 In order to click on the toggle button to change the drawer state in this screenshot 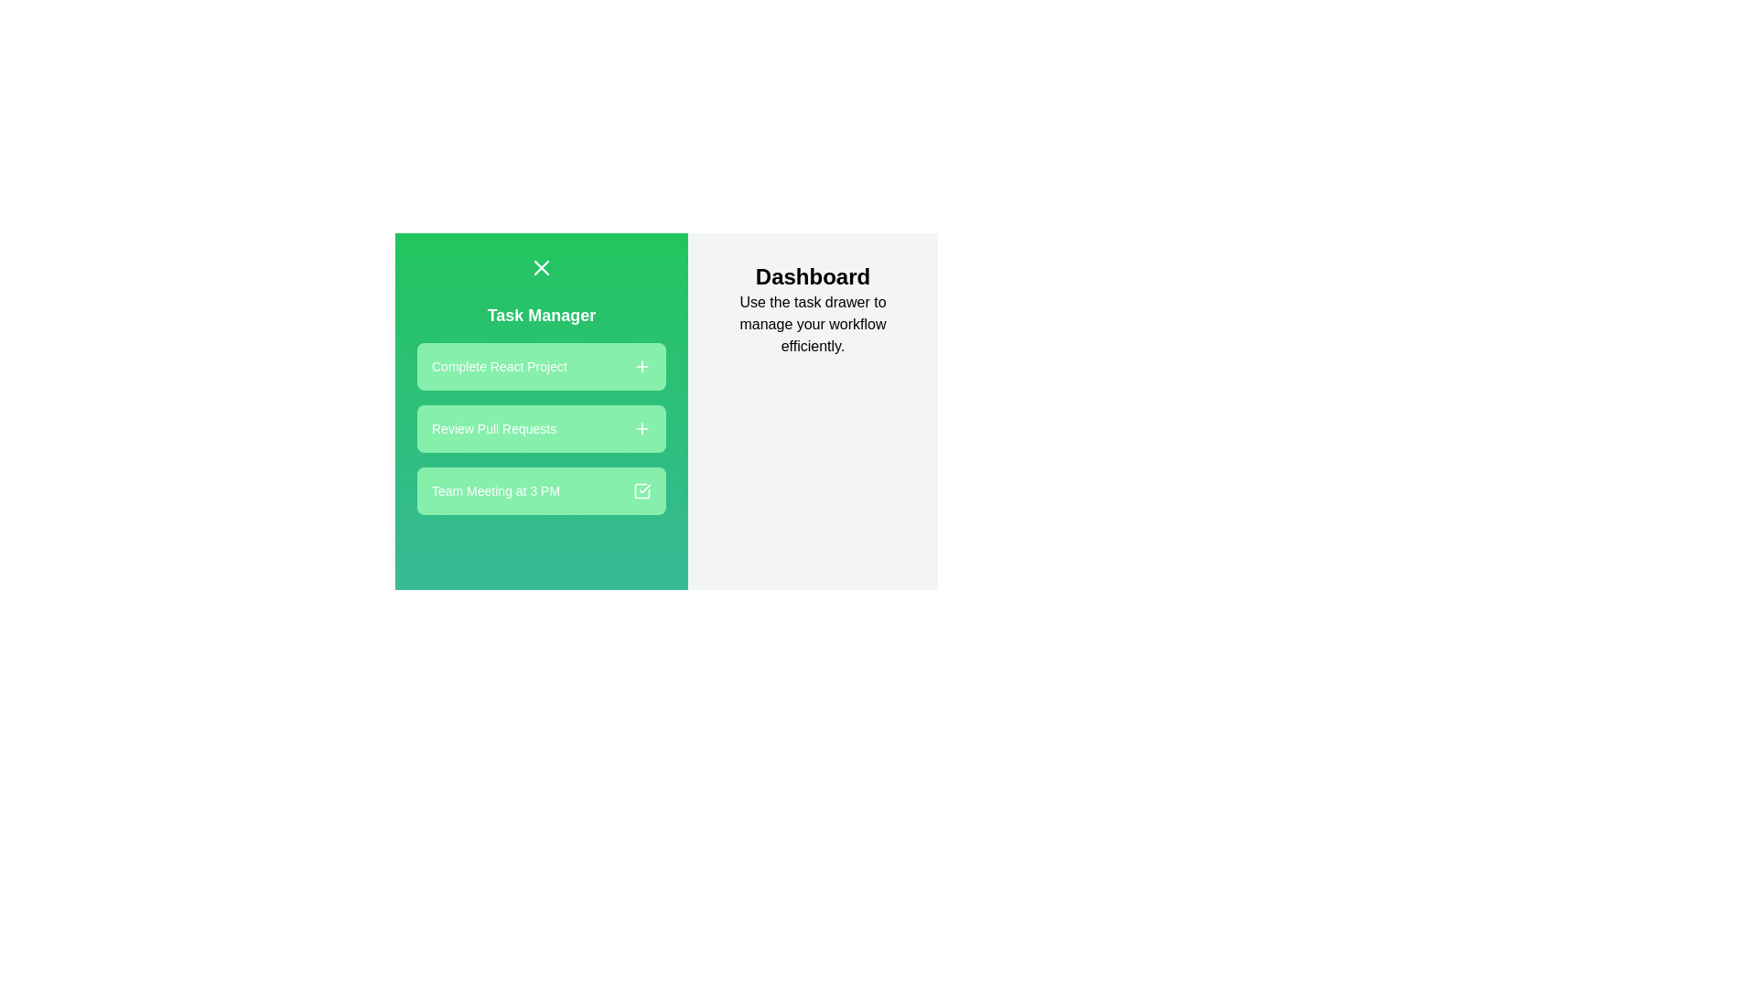, I will do `click(540, 268)`.